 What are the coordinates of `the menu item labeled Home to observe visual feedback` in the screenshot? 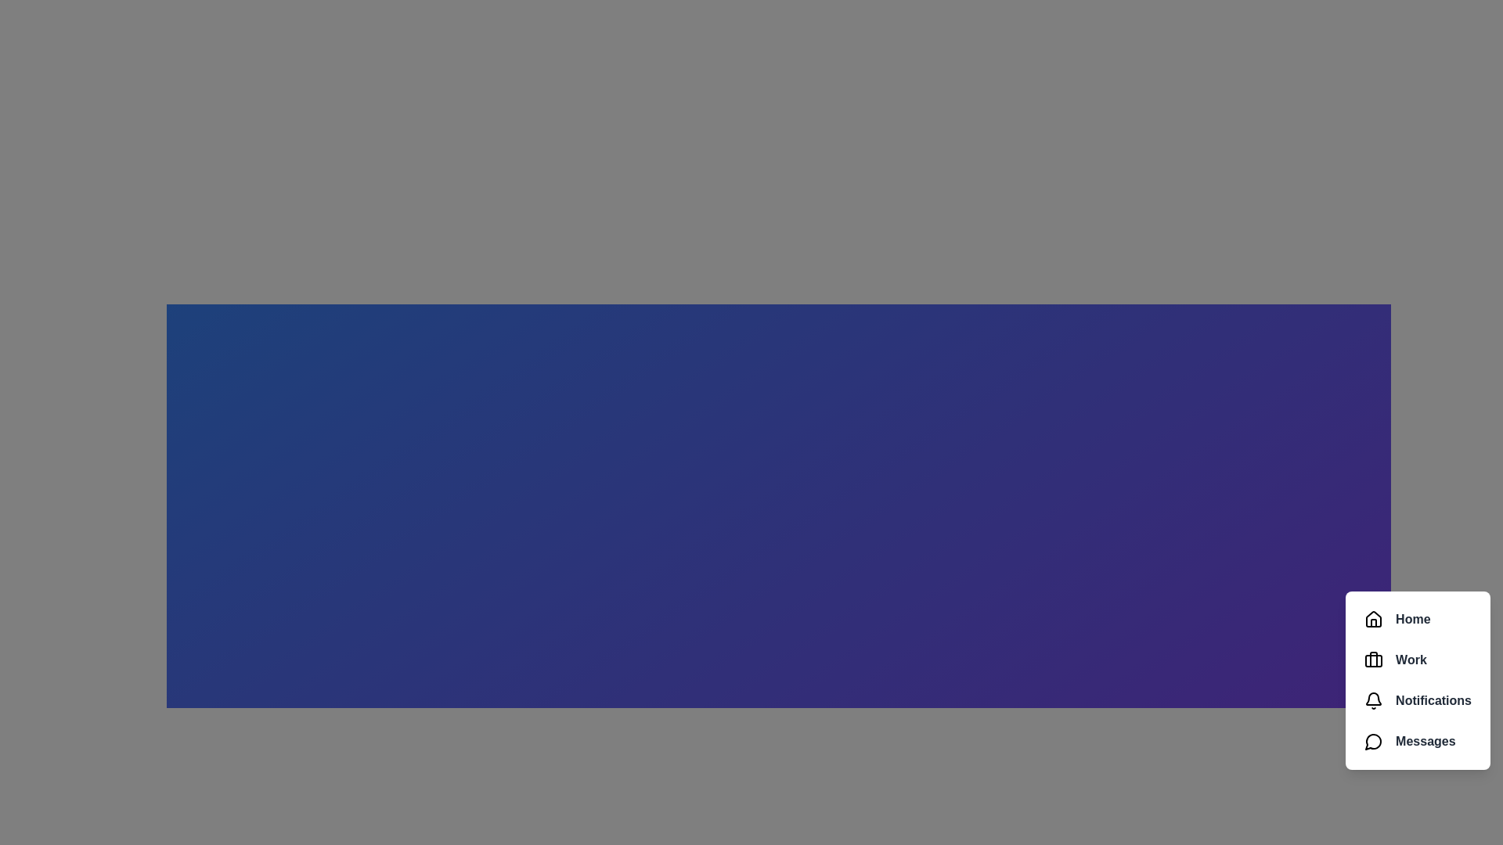 It's located at (1418, 618).